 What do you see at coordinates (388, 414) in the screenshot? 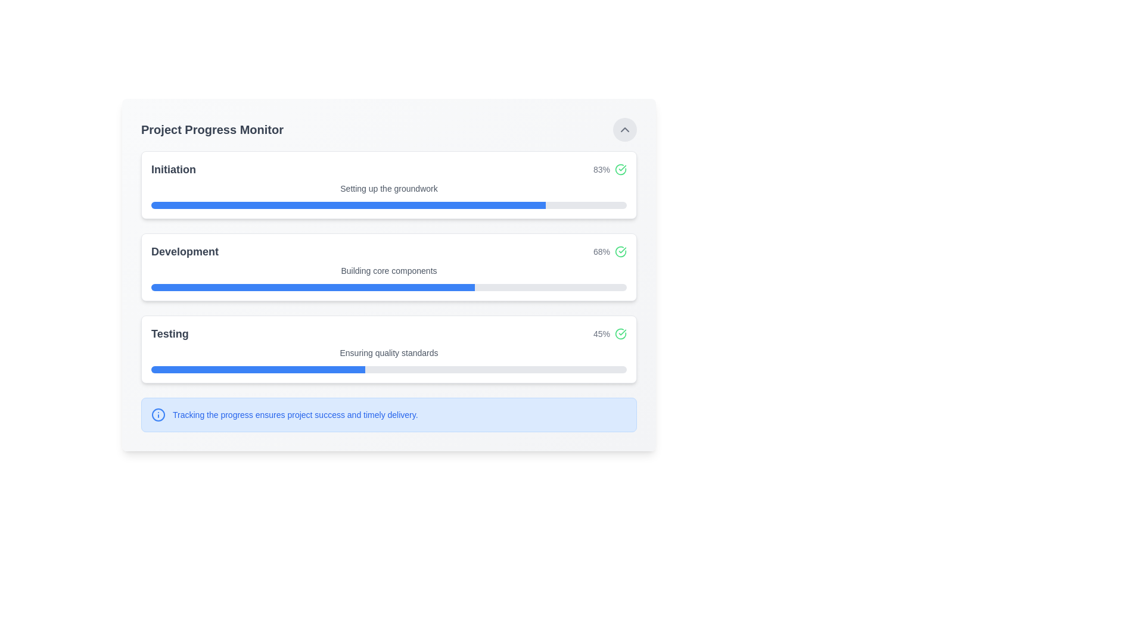
I see `text of the Informational Banner that states 'Tracking the progress ensures project success and timely delivery,' which is located at the bottom of the 'Project Progress Monitor' section` at bounding box center [388, 414].